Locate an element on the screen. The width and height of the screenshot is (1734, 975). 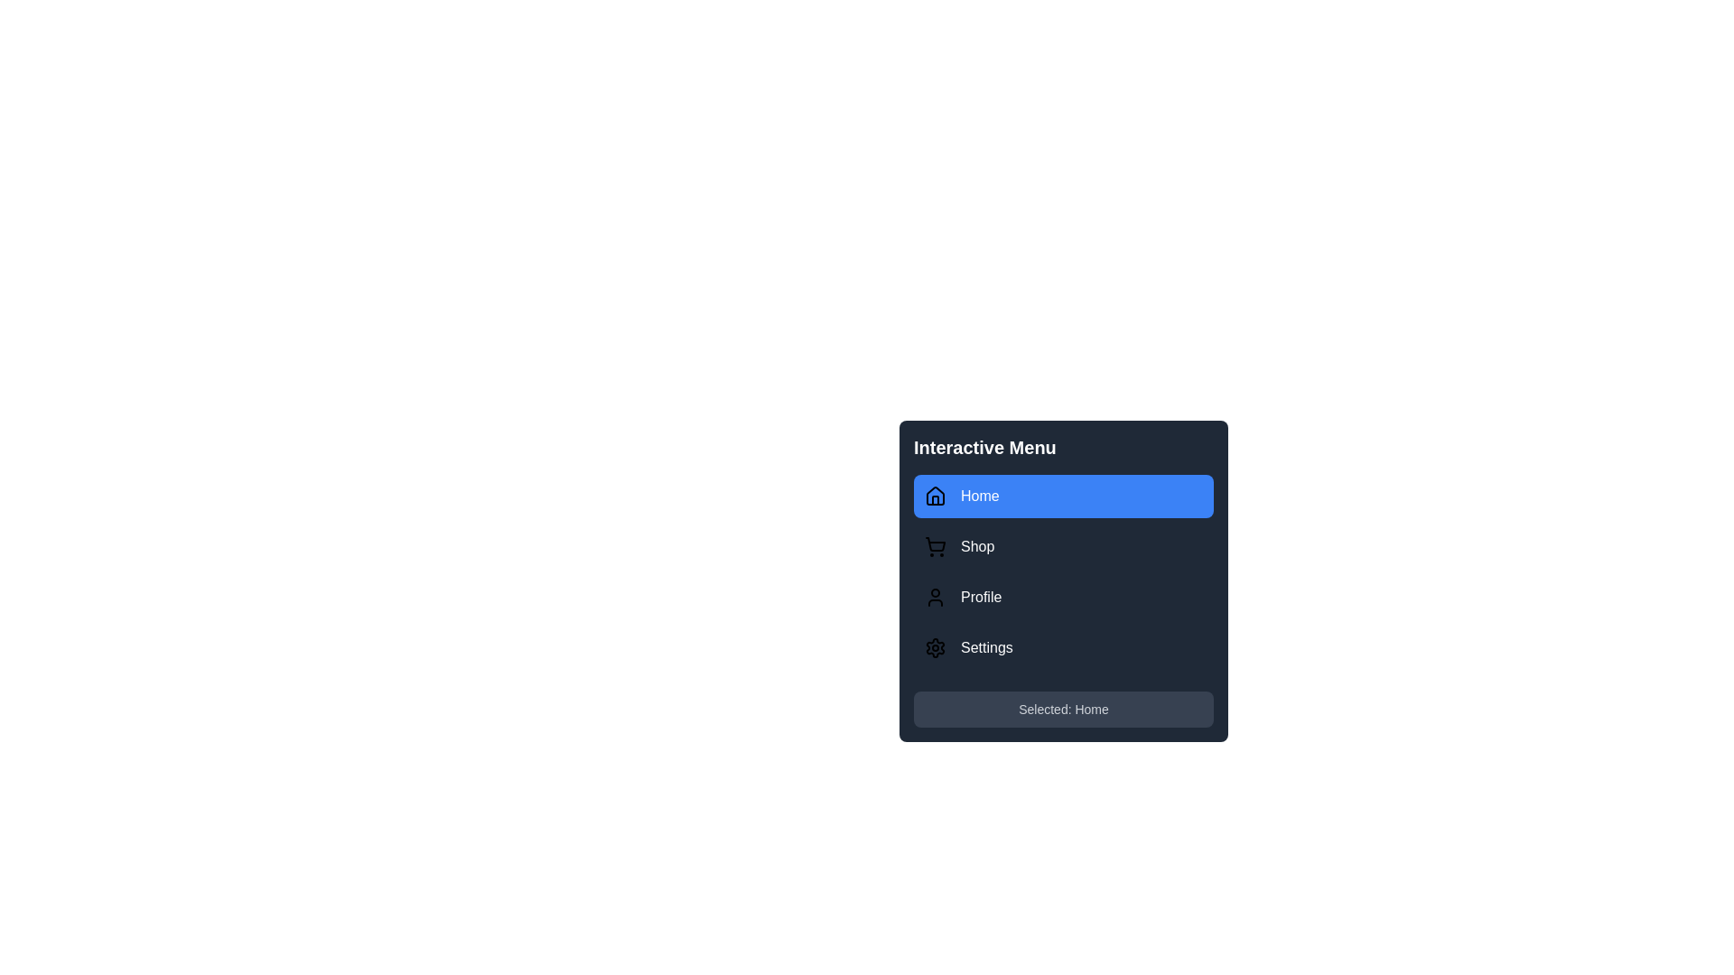
the Home icon located at the top left corner of the highlighted button area in the interactive menu is located at coordinates (936, 497).